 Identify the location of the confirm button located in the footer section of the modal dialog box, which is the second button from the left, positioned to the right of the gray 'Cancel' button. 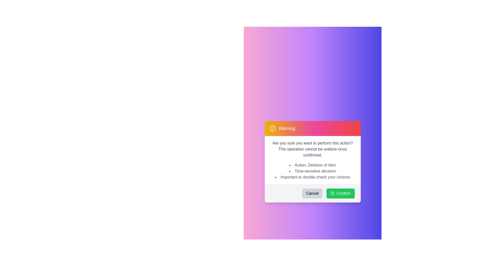
(340, 193).